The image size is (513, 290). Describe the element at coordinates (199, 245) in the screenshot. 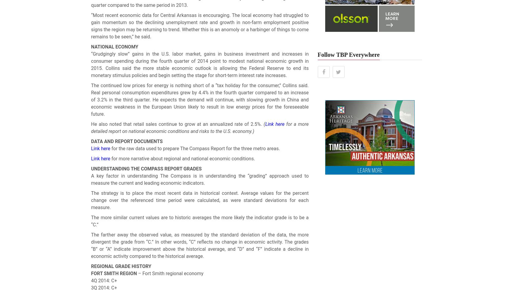

I see `'The farther away the observed value, as measured by the standard deviation of the data, the more divergent the grade from “C.” In other words, “C” reflects no change in economic activity. The grades “B” or “A” indicate improvement above the historical average, and “D” and “F” indicate a decline in economic activity compared to the historical average.'` at that location.